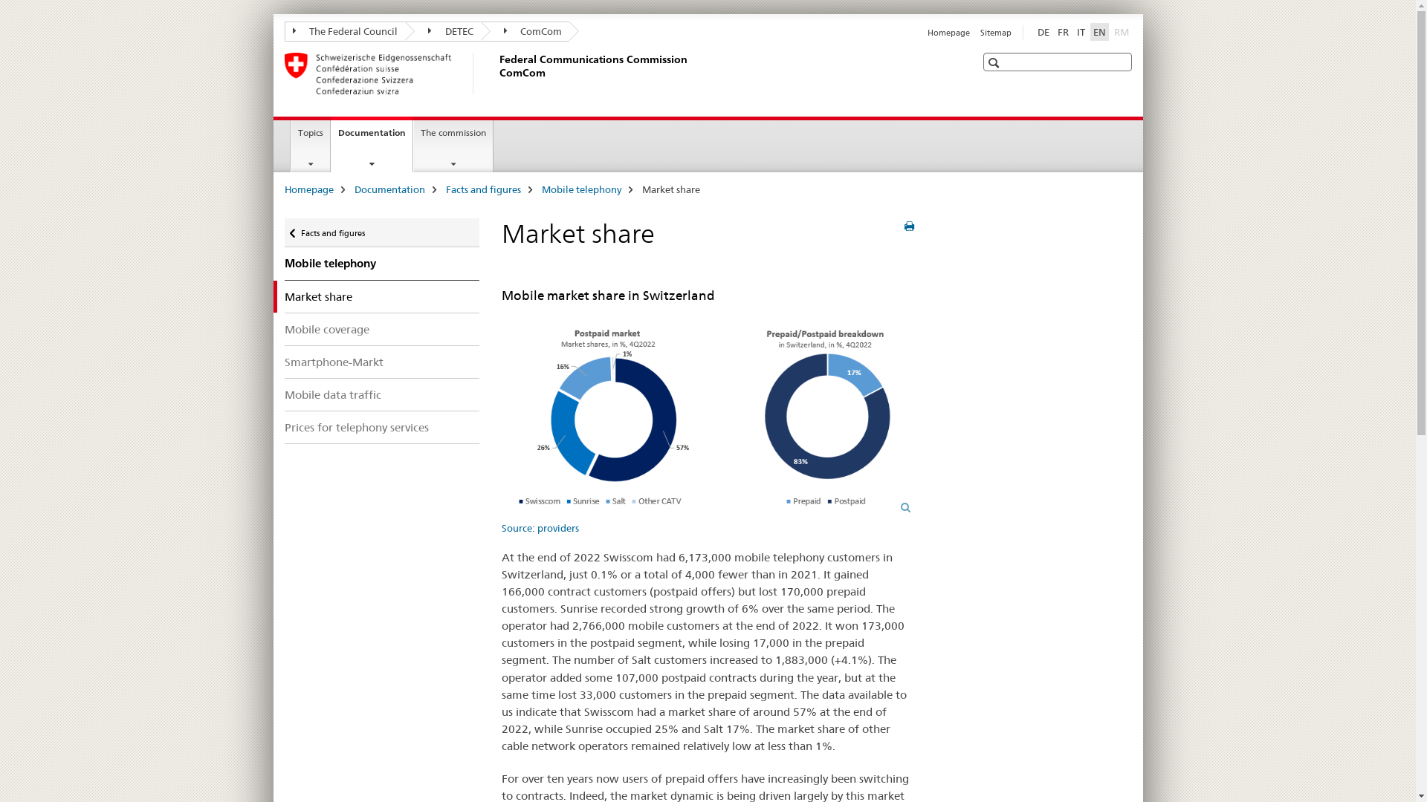 Image resolution: width=1427 pixels, height=802 pixels. Describe the element at coordinates (331, 144) in the screenshot. I see `'Documentation` at that location.